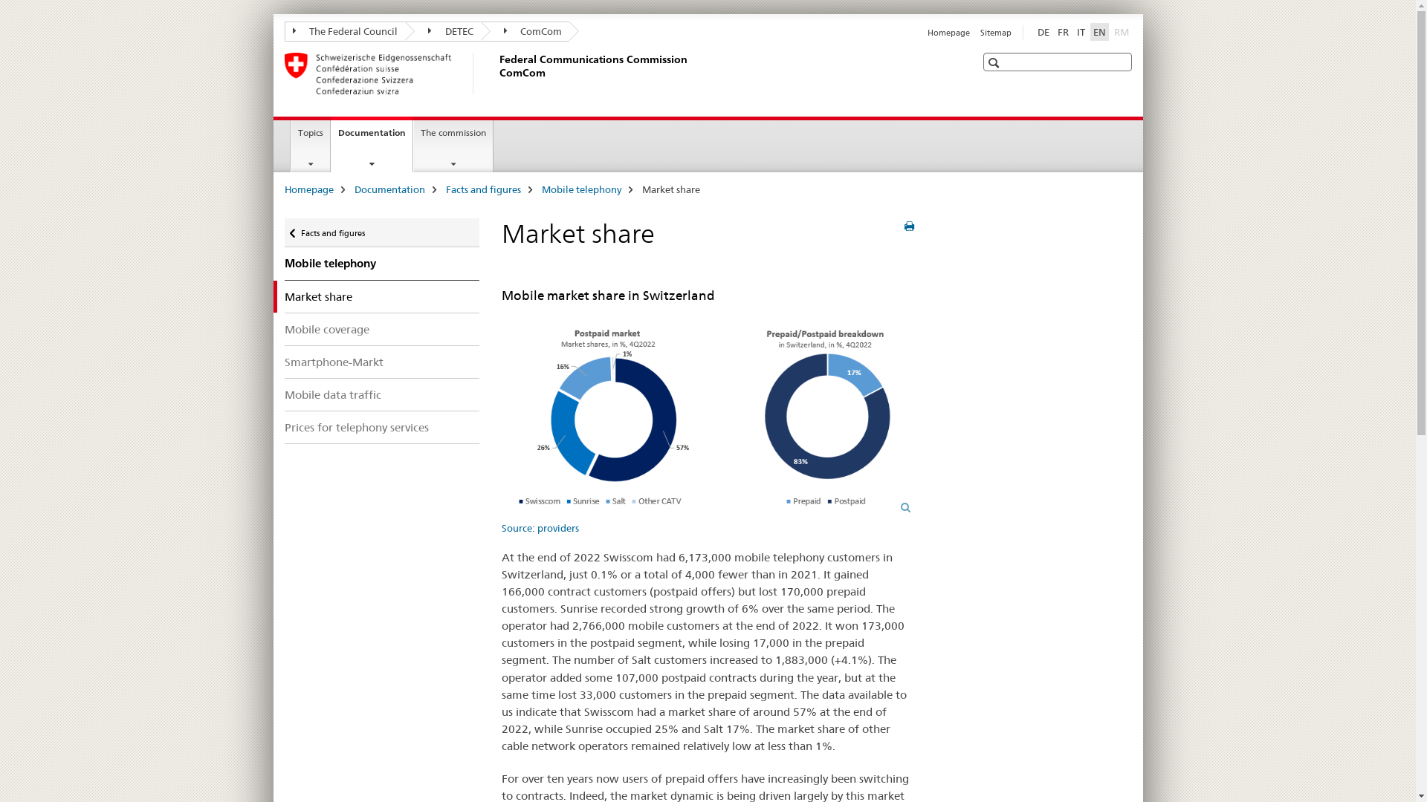 Image resolution: width=1427 pixels, height=802 pixels. Describe the element at coordinates (331, 144) in the screenshot. I see `'Documentation` at that location.